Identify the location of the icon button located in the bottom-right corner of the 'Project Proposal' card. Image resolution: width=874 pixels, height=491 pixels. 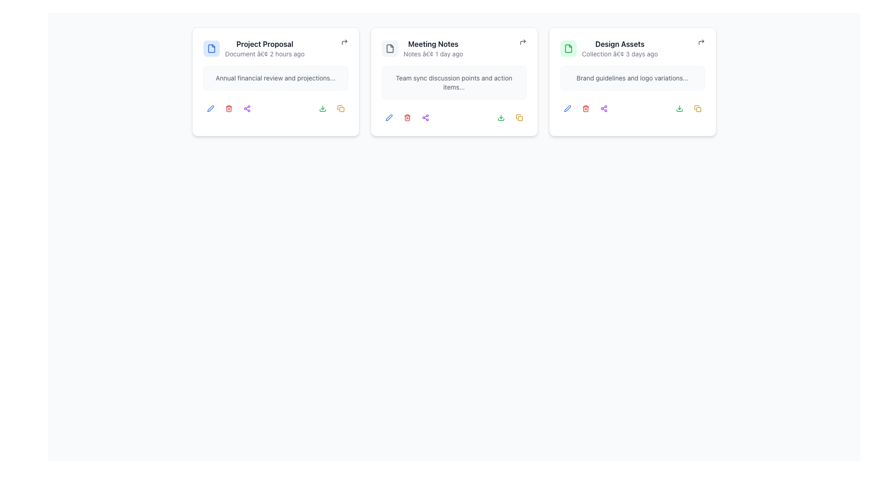
(247, 108).